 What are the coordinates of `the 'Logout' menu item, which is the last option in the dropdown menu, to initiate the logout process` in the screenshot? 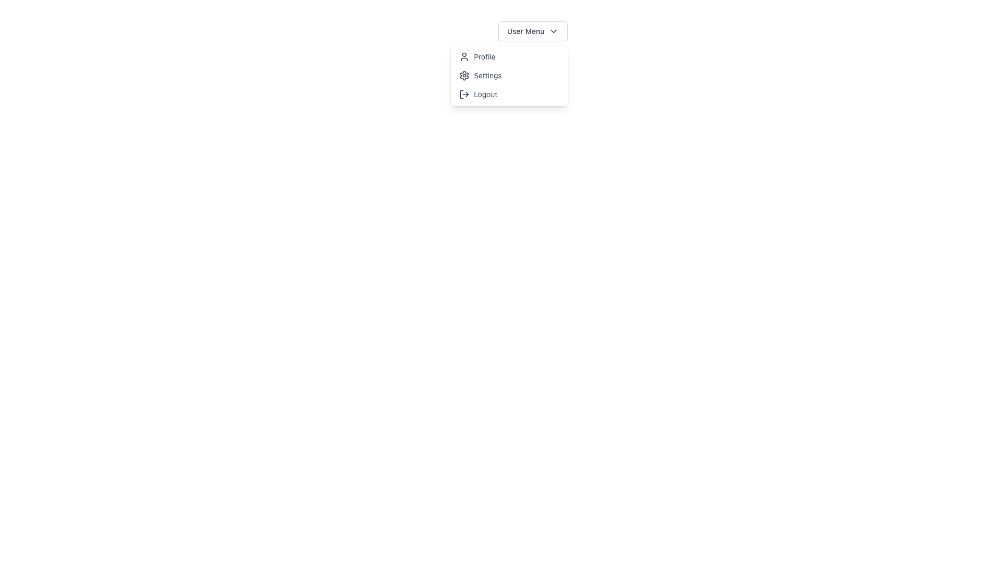 It's located at (509, 95).